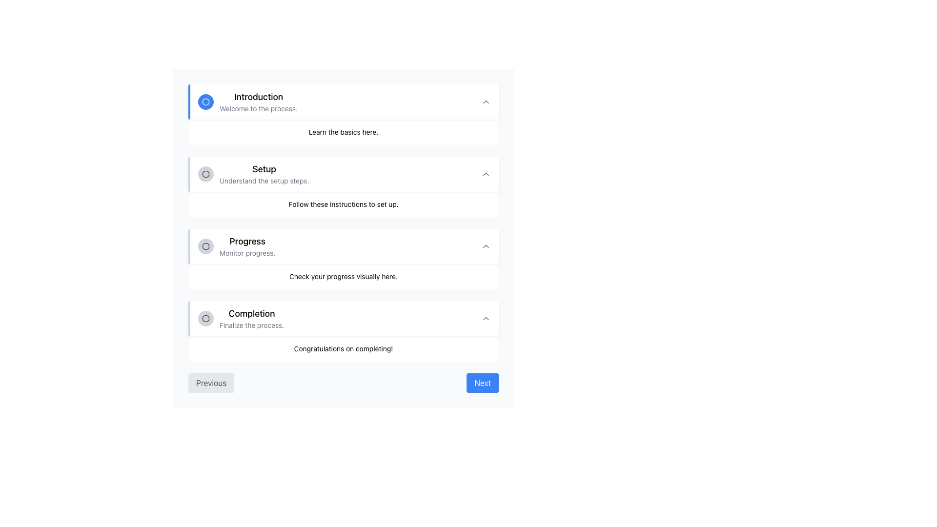 Image resolution: width=937 pixels, height=527 pixels. Describe the element at coordinates (486, 246) in the screenshot. I see `the upward-facing chevron icon in the 'Progress' section` at that location.